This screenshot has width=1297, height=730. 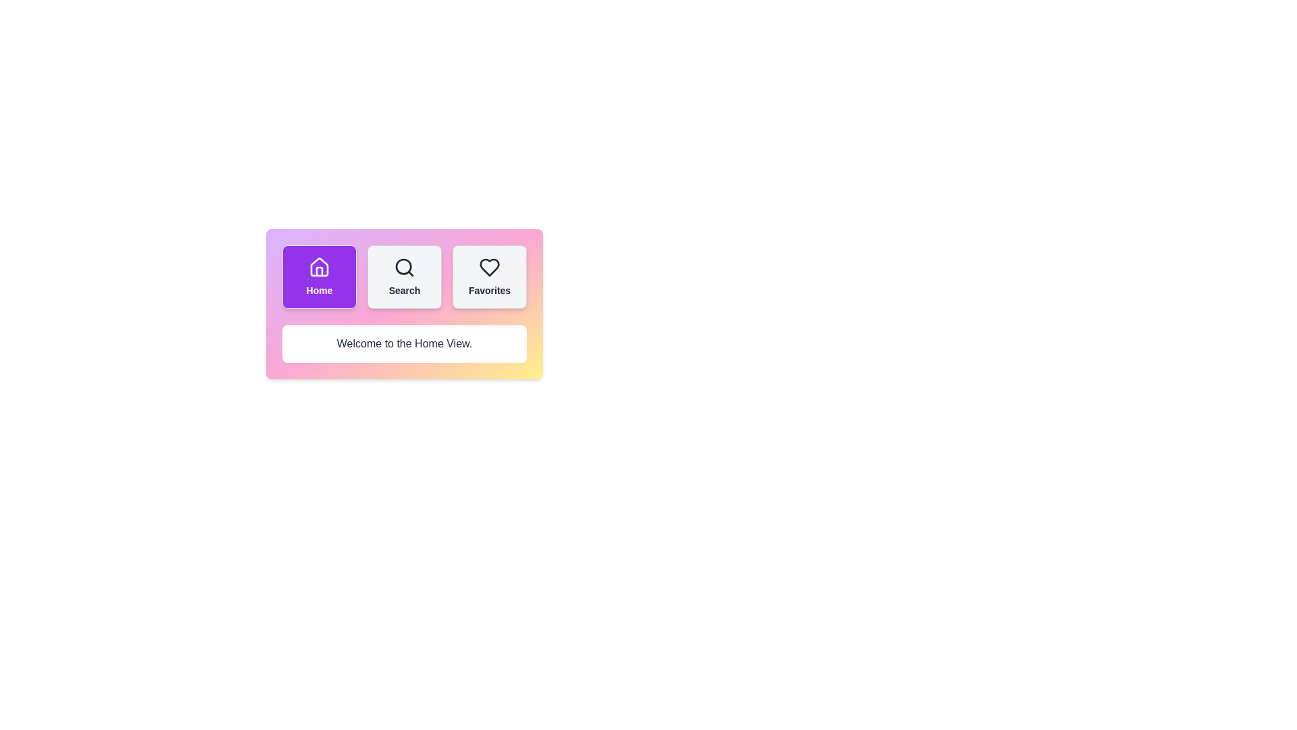 I want to click on the black heart outline icon located within the 'Favorites' button in the toolbar, so click(x=488, y=268).